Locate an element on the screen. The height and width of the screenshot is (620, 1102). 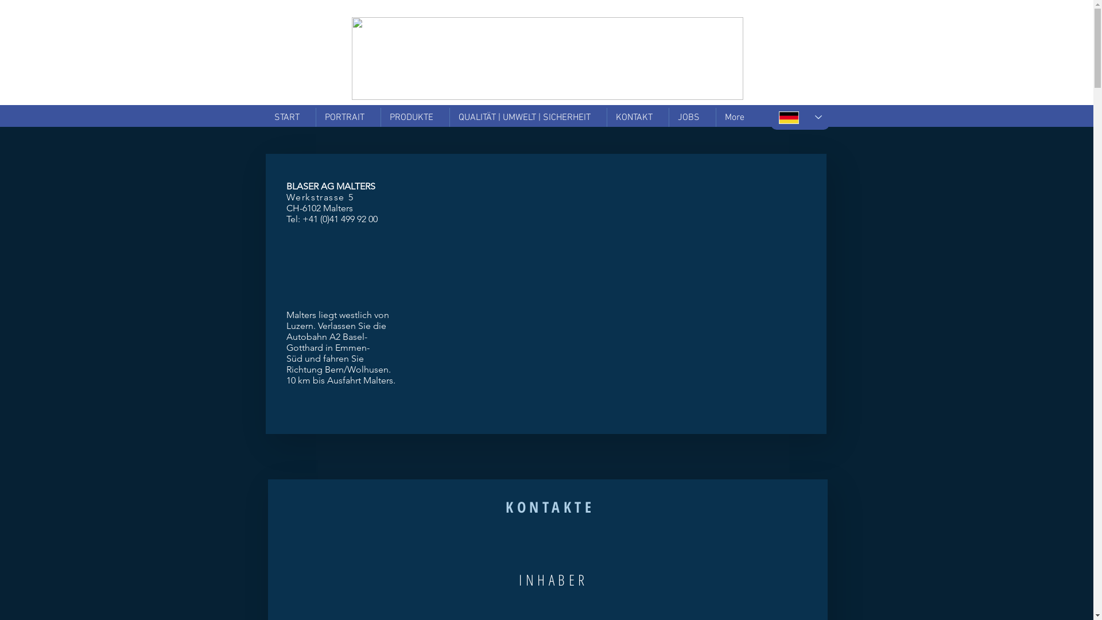
'PORTRAIT' is located at coordinates (347, 117).